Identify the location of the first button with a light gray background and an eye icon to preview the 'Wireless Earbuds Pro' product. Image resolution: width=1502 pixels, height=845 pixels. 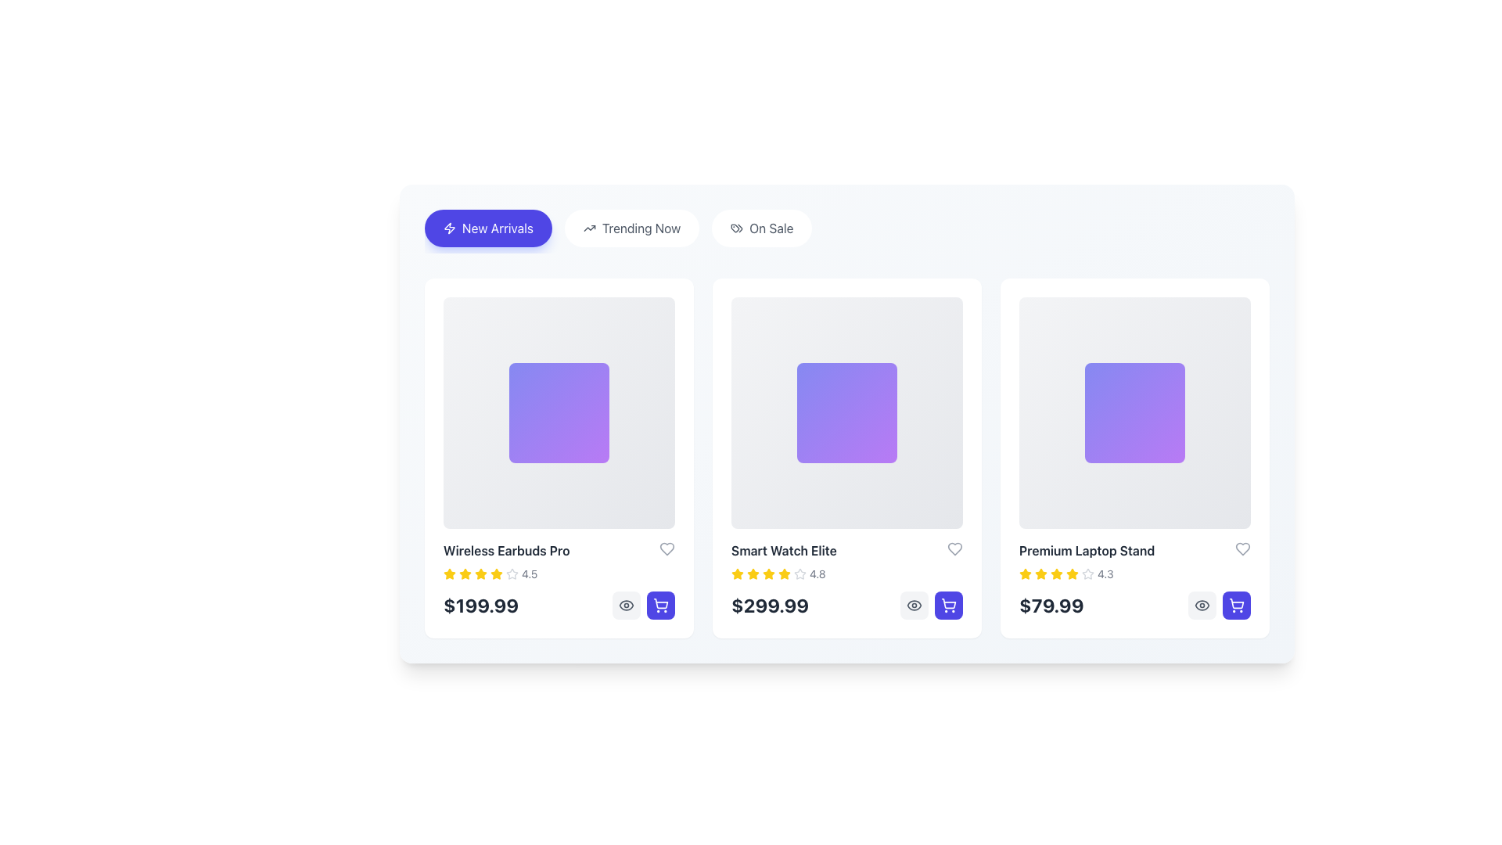
(627, 605).